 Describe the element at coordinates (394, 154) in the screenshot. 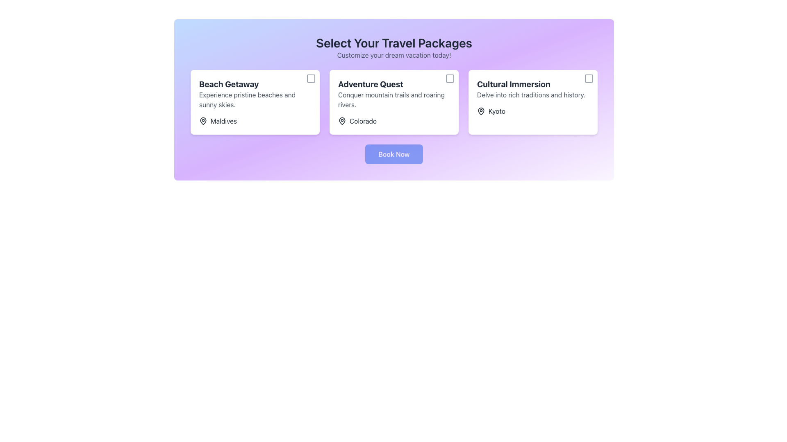

I see `the booking button located below the travel package cards labeled 'Beach Getaway', 'Adventure Quest', and 'Cultural Immersion' to proceed with booking` at that location.